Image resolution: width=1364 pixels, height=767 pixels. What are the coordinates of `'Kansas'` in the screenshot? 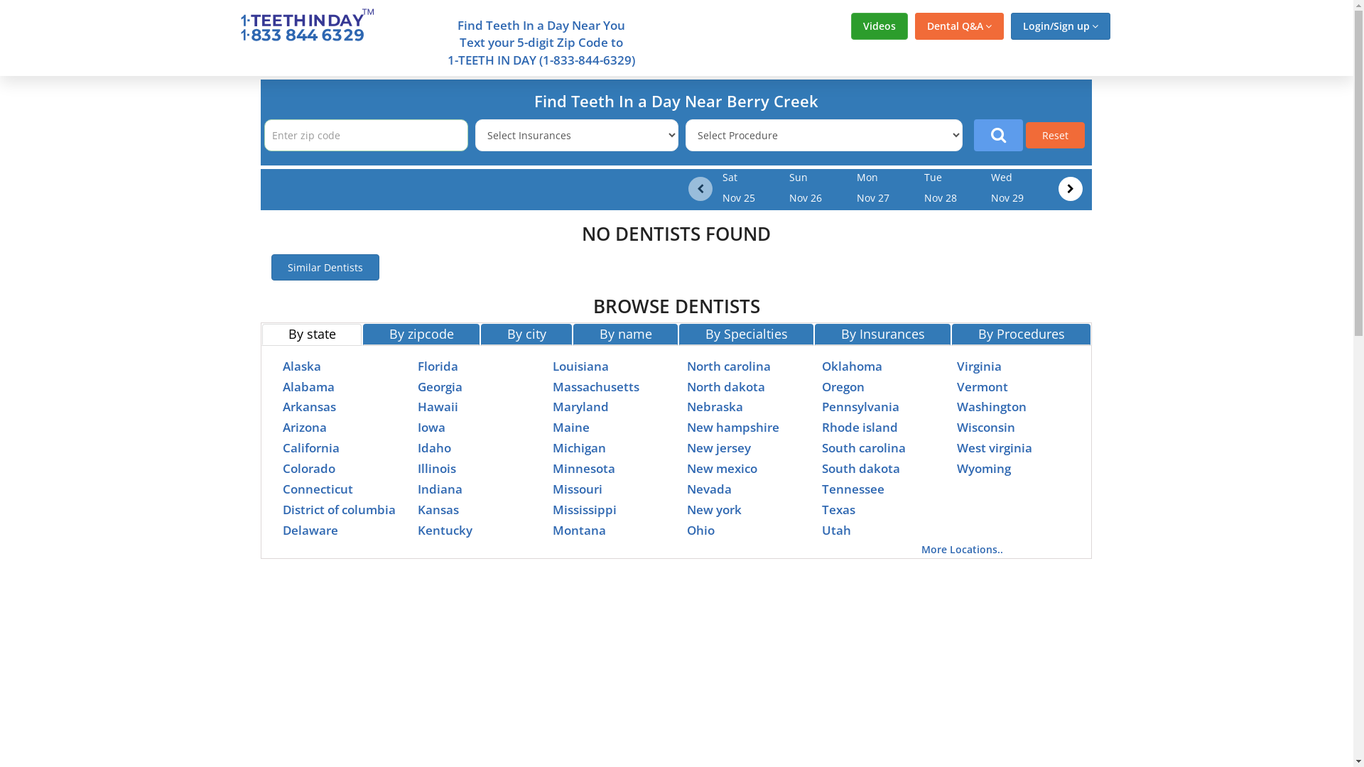 It's located at (438, 508).